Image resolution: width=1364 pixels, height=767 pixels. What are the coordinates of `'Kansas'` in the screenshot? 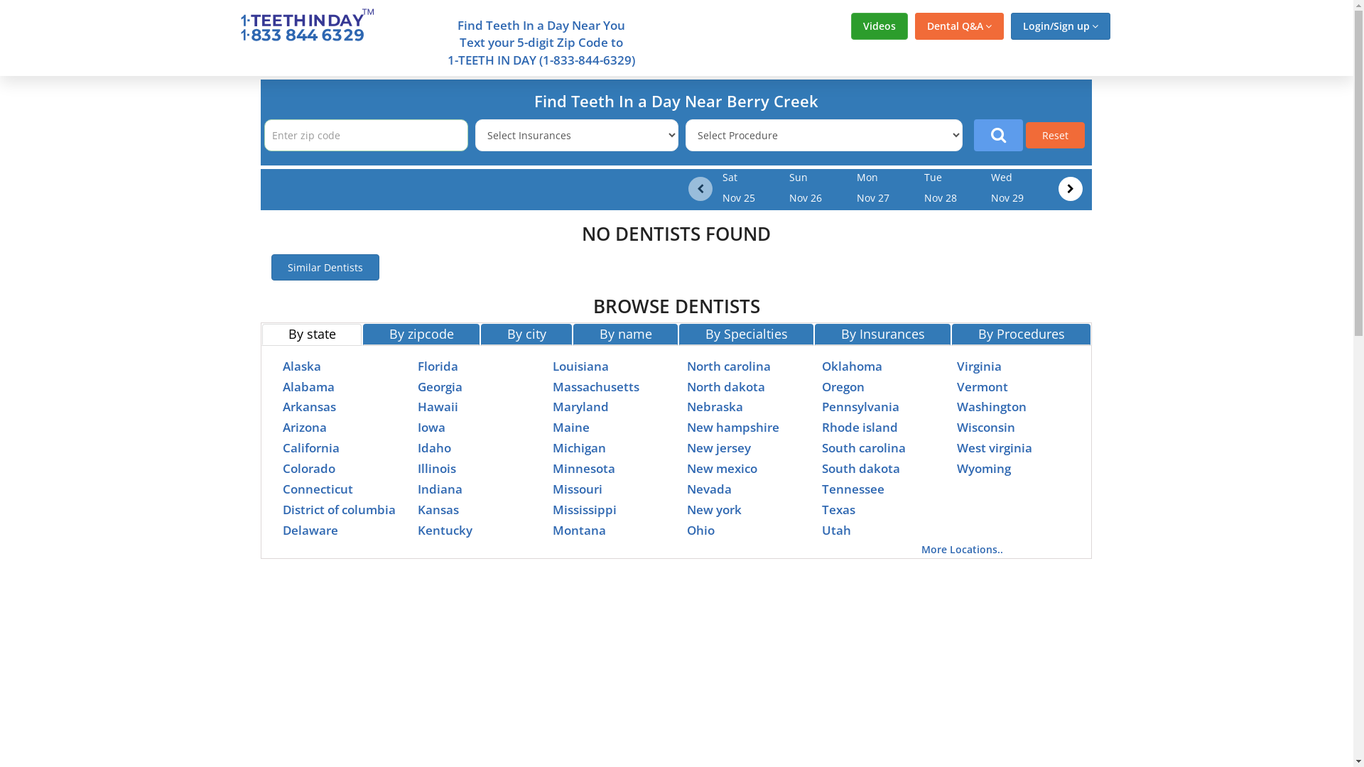 It's located at (438, 508).